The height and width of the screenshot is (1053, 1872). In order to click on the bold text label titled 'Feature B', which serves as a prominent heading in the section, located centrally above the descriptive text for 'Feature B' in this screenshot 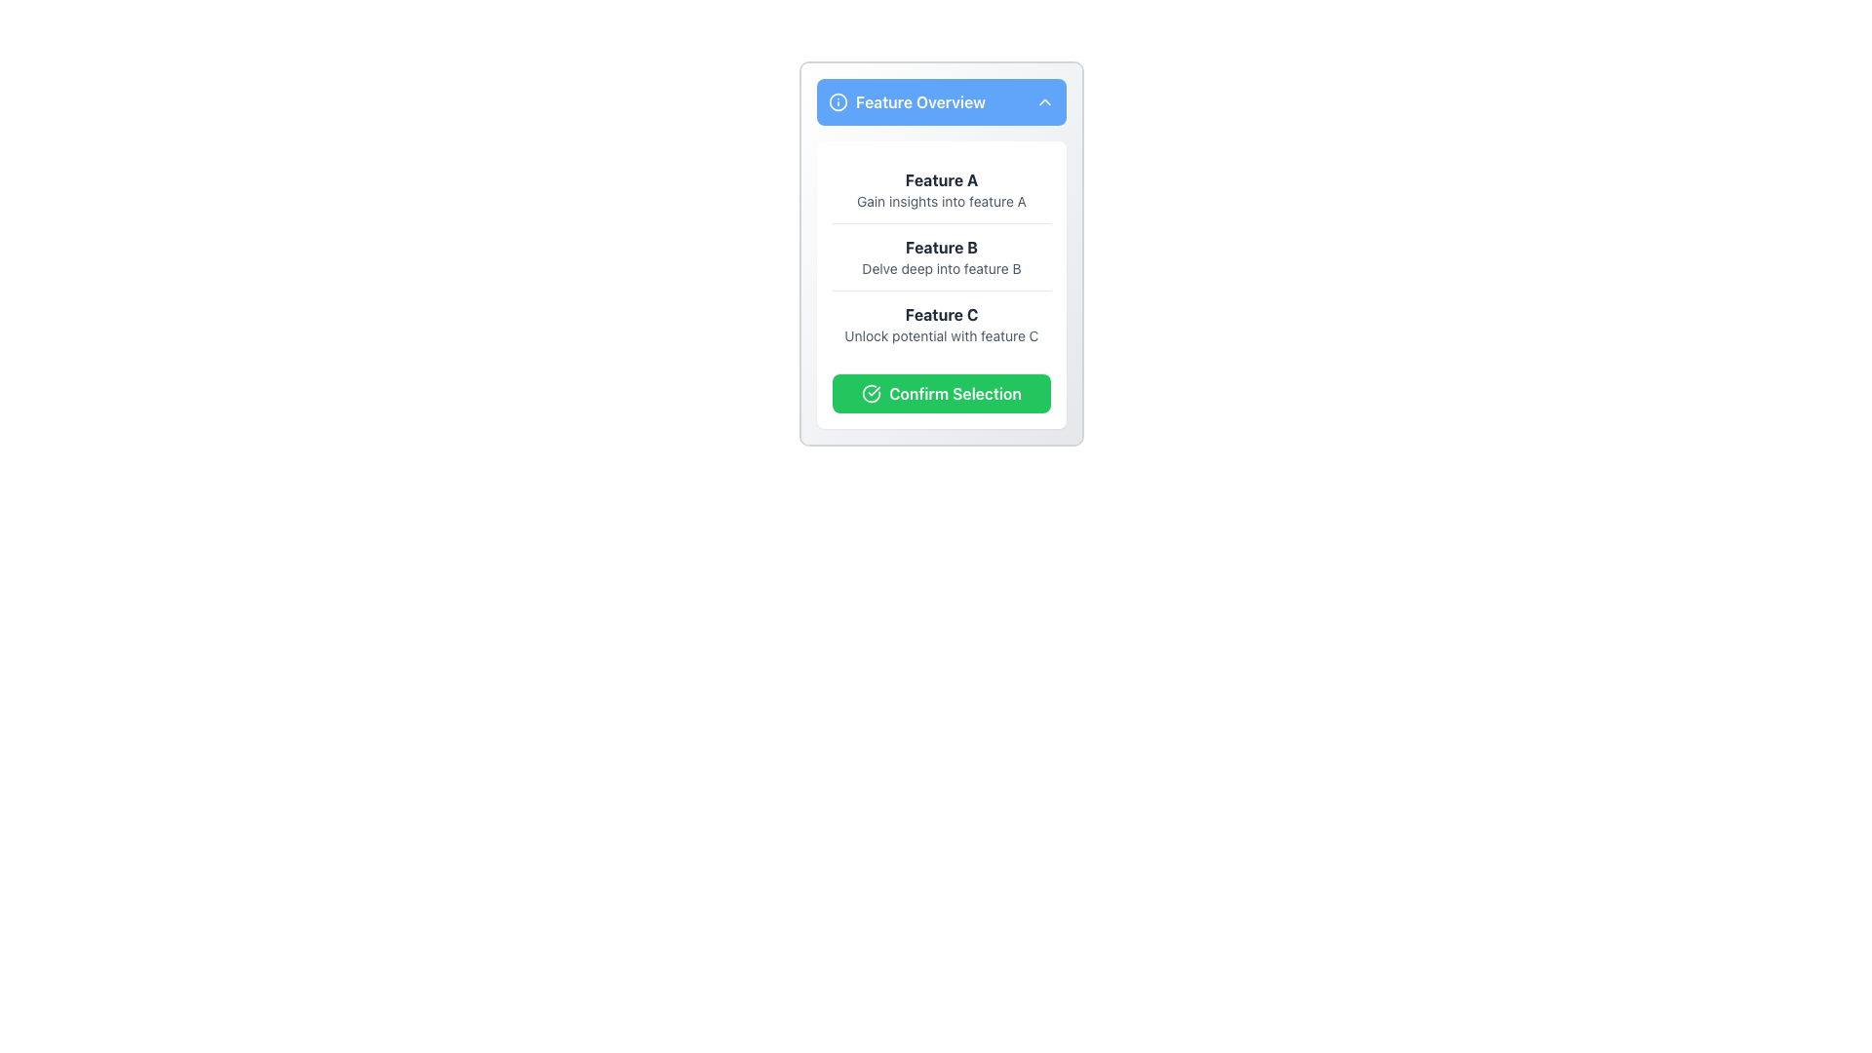, I will do `click(941, 247)`.